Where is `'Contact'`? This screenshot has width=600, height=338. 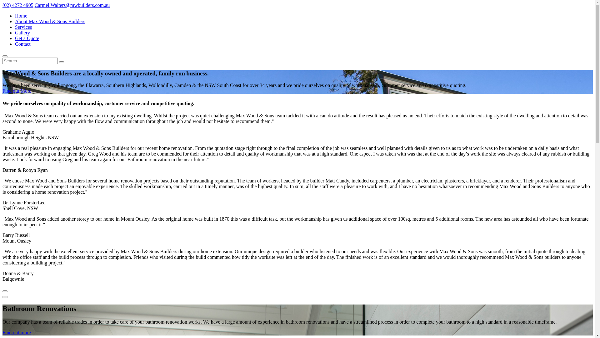
'Contact' is located at coordinates (22, 44).